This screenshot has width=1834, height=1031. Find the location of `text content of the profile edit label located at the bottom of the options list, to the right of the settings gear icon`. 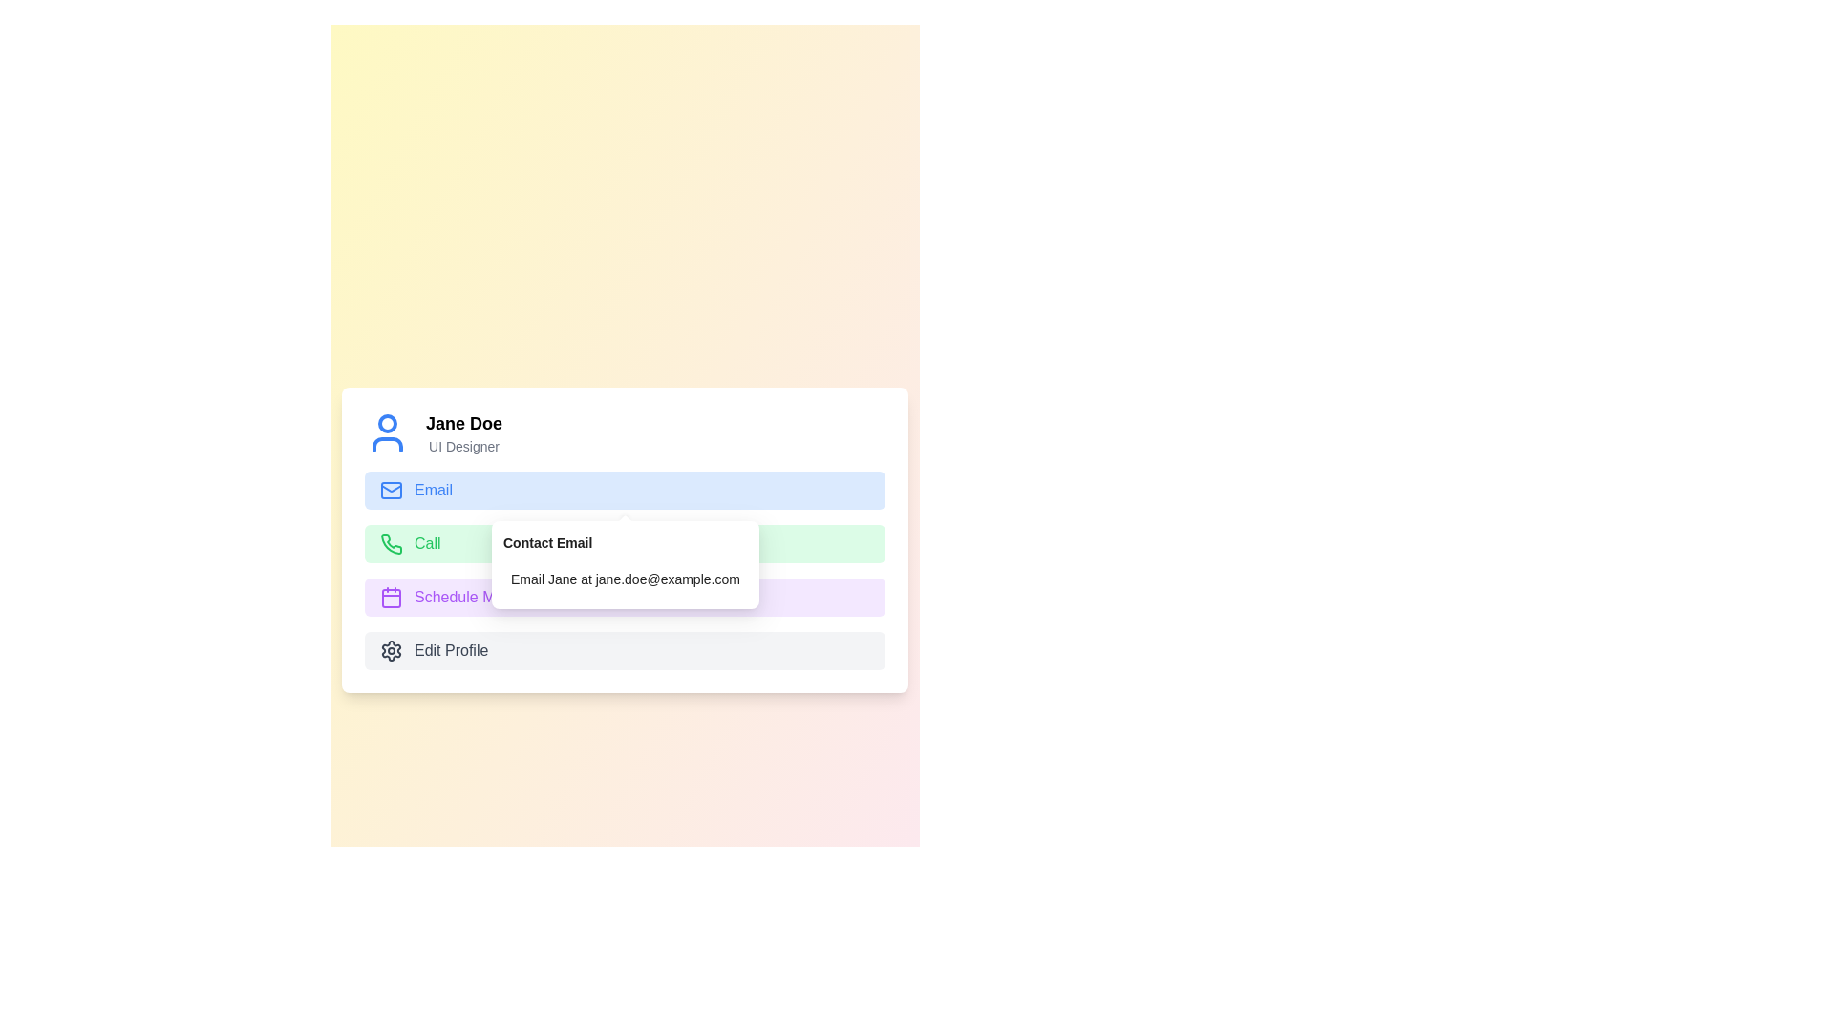

text content of the profile edit label located at the bottom of the options list, to the right of the settings gear icon is located at coordinates (450, 650).